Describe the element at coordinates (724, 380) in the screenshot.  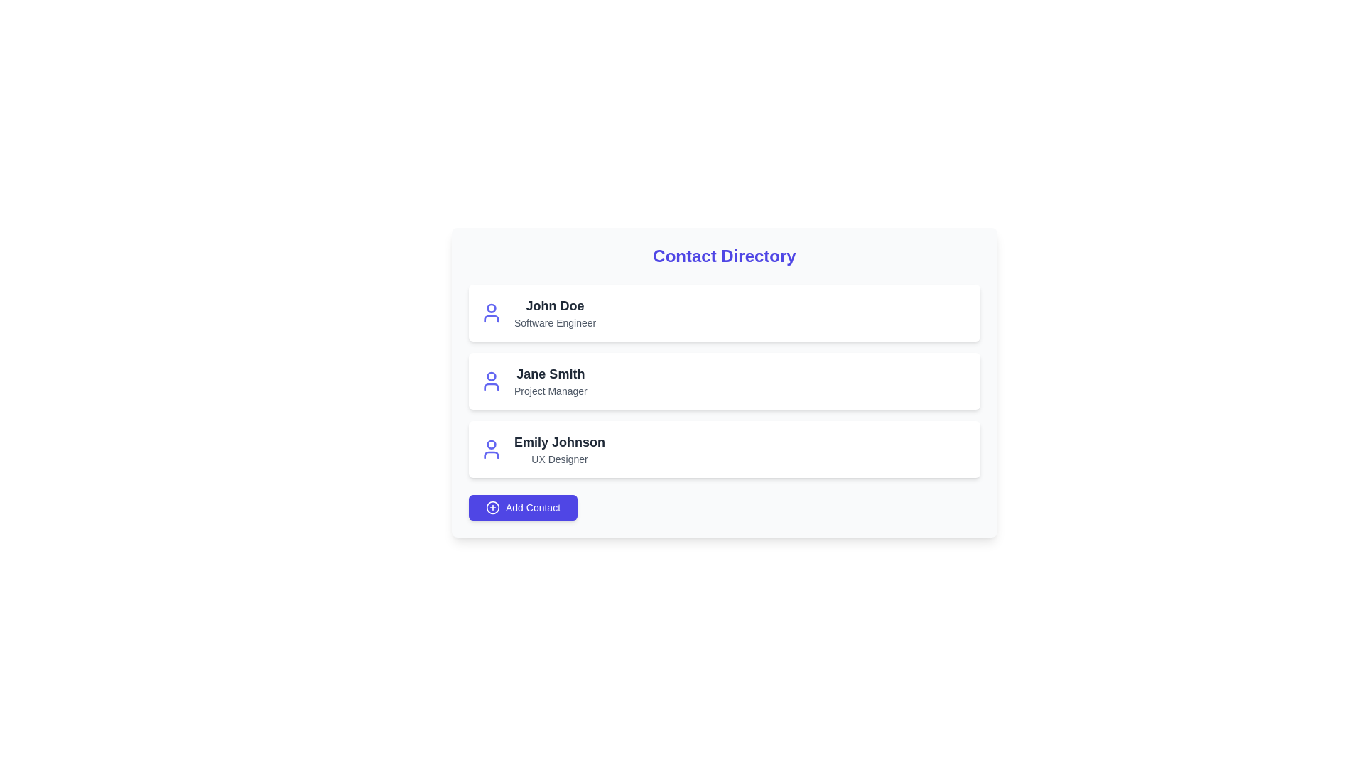
I see `the contact item corresponding to Jane Smith` at that location.